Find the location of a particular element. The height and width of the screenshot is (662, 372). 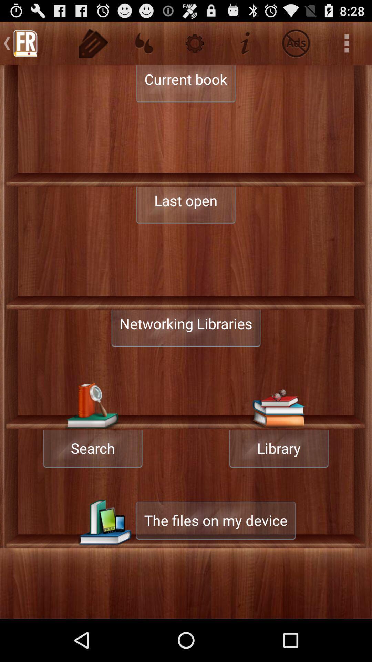

three dots on top right of page is located at coordinates (347, 43).